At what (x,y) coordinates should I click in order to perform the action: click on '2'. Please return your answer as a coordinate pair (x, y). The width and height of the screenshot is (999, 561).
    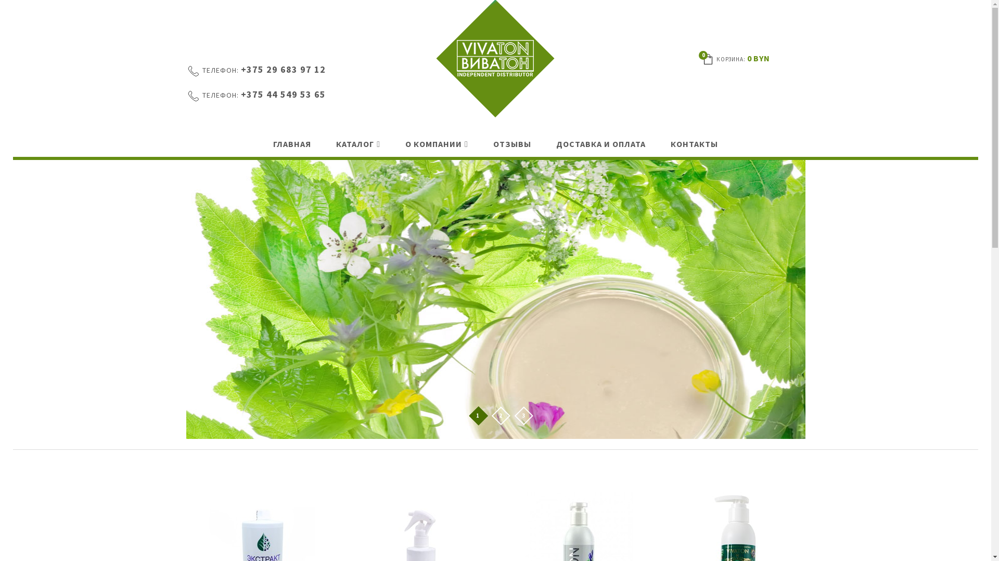
    Looking at the image, I should click on (500, 416).